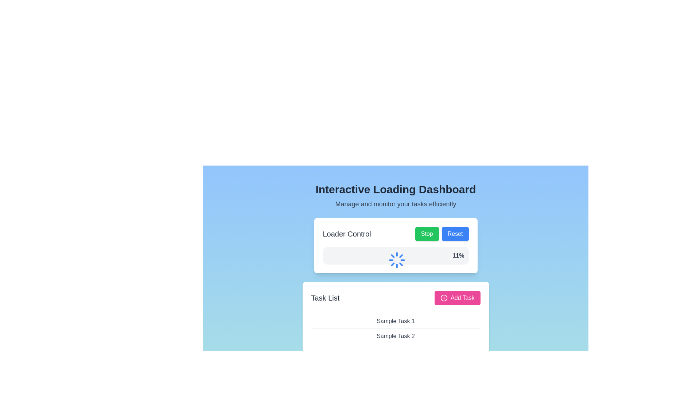 This screenshot has width=700, height=393. Describe the element at coordinates (395, 234) in the screenshot. I see `the 'Reset' button in the Control bar labeled 'Loader Control', which has a blue background, located at the top section of the panel` at that location.